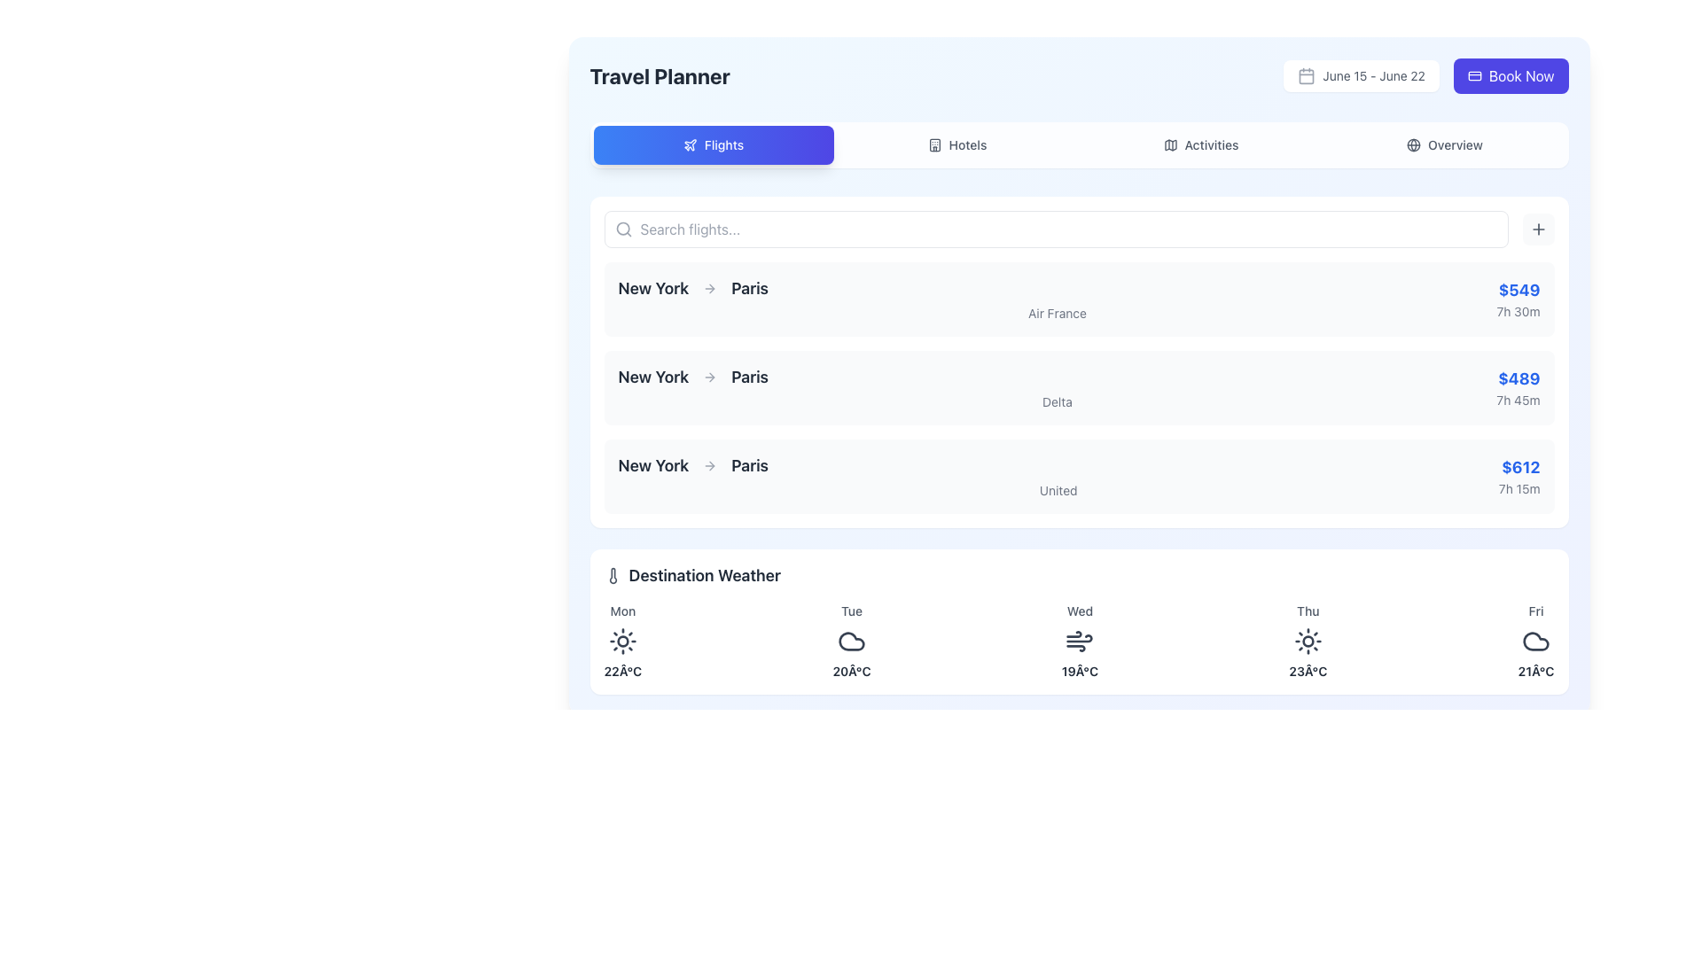  Describe the element at coordinates (750, 376) in the screenshot. I see `the Static Text Label reading 'Paris' located in the second row of the flight result list, aligned next to 'New York' and following the arrow icon` at that location.